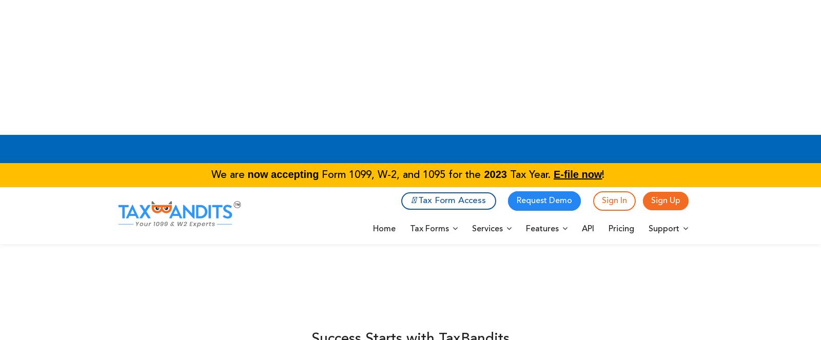  I want to click on 'FAQs on Payroll Forms', so click(288, 13).